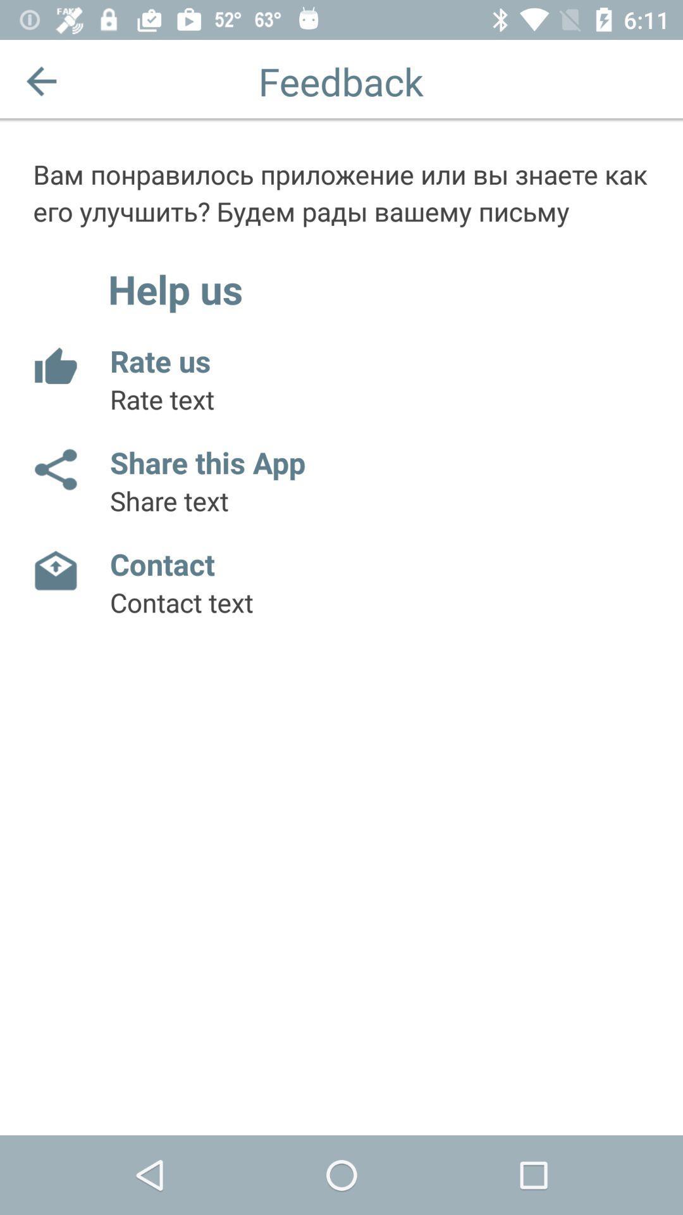  Describe the element at coordinates (54, 366) in the screenshot. I see `rate app` at that location.